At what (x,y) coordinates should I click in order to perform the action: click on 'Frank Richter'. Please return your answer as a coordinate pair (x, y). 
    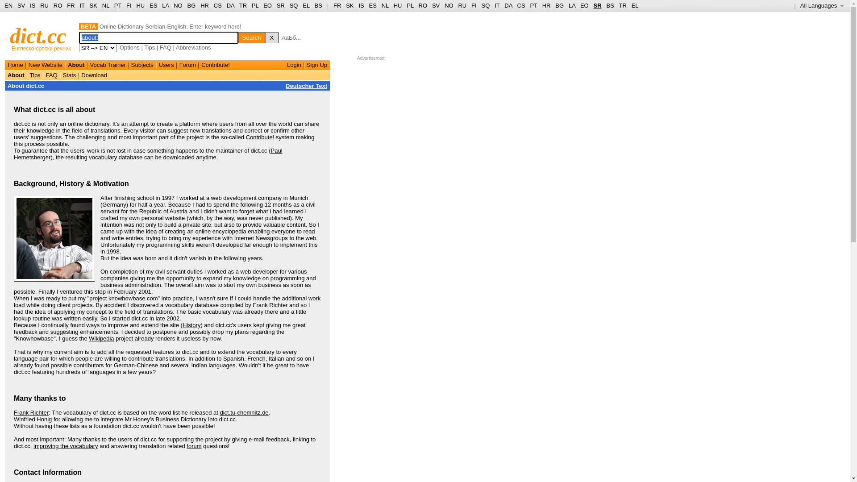
    Looking at the image, I should click on (13, 412).